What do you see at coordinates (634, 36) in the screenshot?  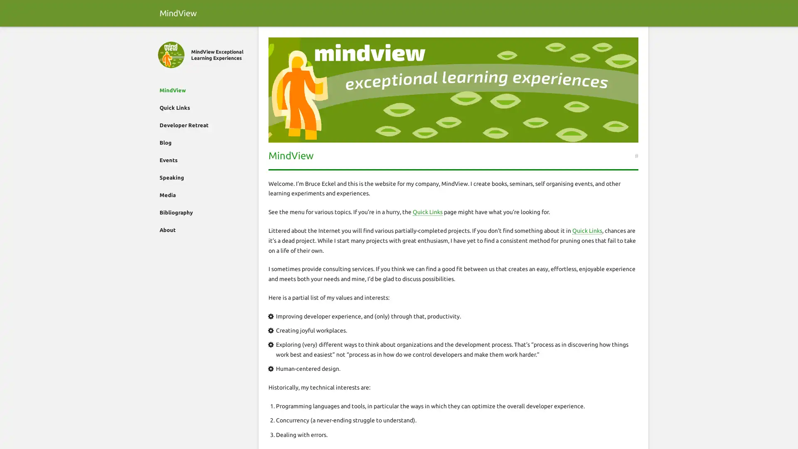 I see `Search` at bounding box center [634, 36].